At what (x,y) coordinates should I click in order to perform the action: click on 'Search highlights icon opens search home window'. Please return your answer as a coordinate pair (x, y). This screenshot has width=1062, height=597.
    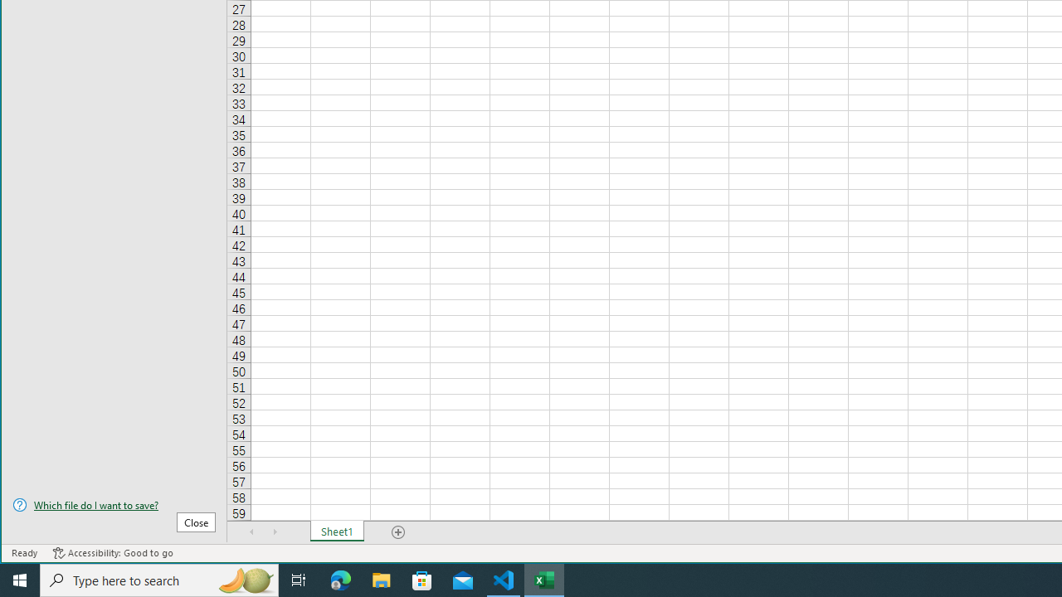
    Looking at the image, I should click on (244, 579).